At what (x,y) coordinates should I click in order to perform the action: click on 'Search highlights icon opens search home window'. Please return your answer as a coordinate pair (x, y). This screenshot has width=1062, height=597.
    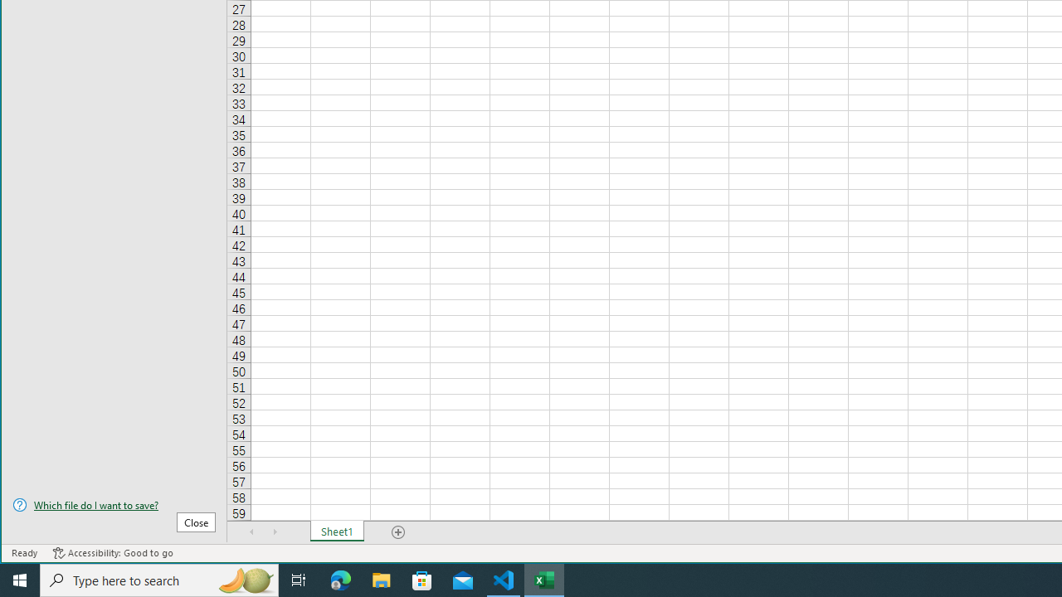
    Looking at the image, I should click on (244, 579).